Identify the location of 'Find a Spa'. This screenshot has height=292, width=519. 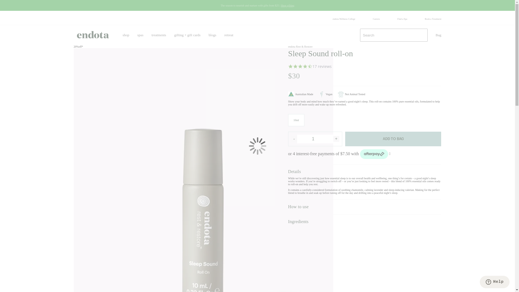
(402, 18).